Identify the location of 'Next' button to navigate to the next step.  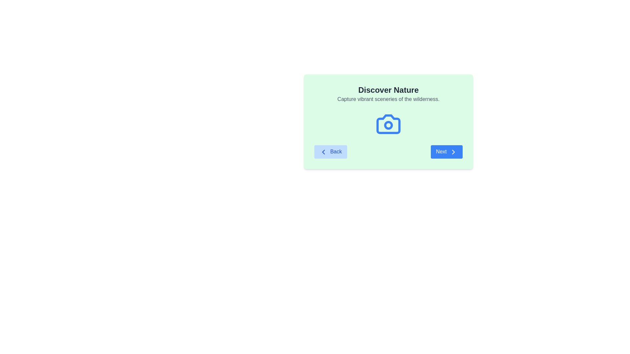
(446, 151).